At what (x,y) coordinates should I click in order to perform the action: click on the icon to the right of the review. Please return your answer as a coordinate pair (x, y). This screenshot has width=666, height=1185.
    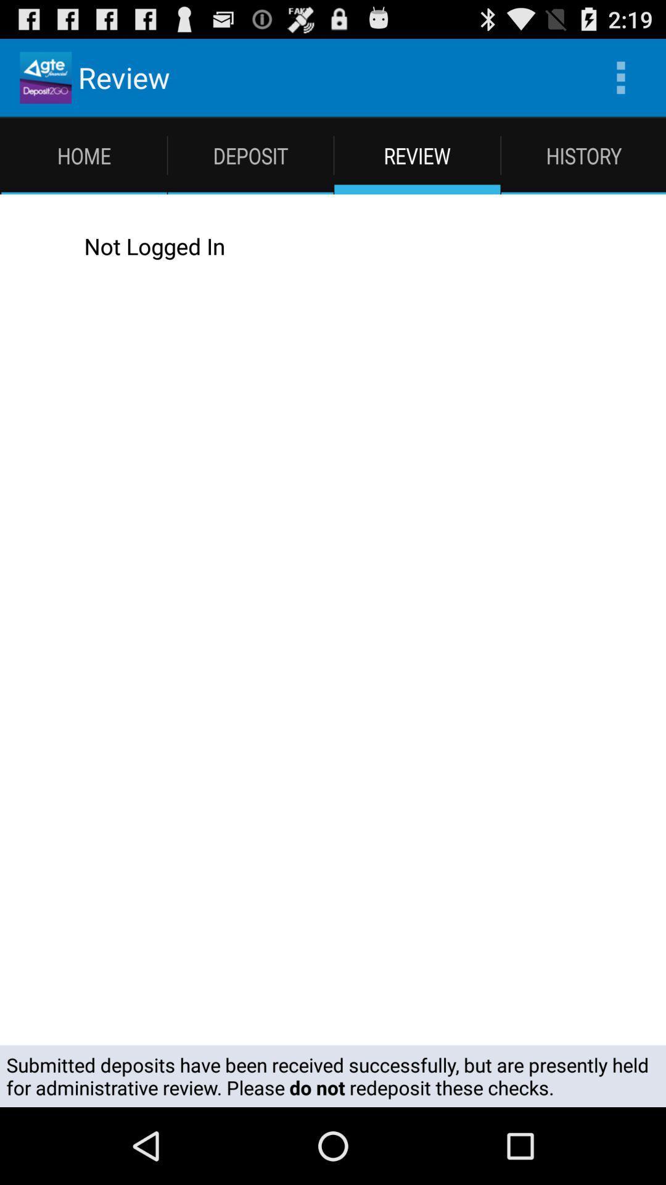
    Looking at the image, I should click on (620, 77).